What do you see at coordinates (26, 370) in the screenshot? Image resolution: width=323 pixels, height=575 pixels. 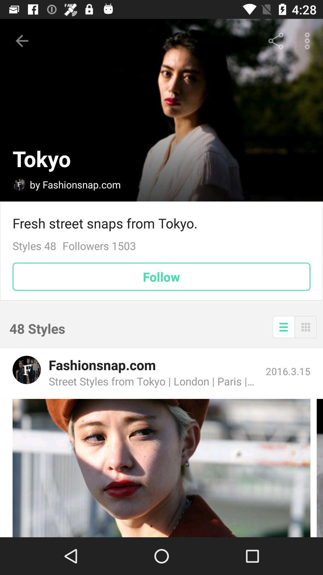 I see `open fashionsnap` at bounding box center [26, 370].